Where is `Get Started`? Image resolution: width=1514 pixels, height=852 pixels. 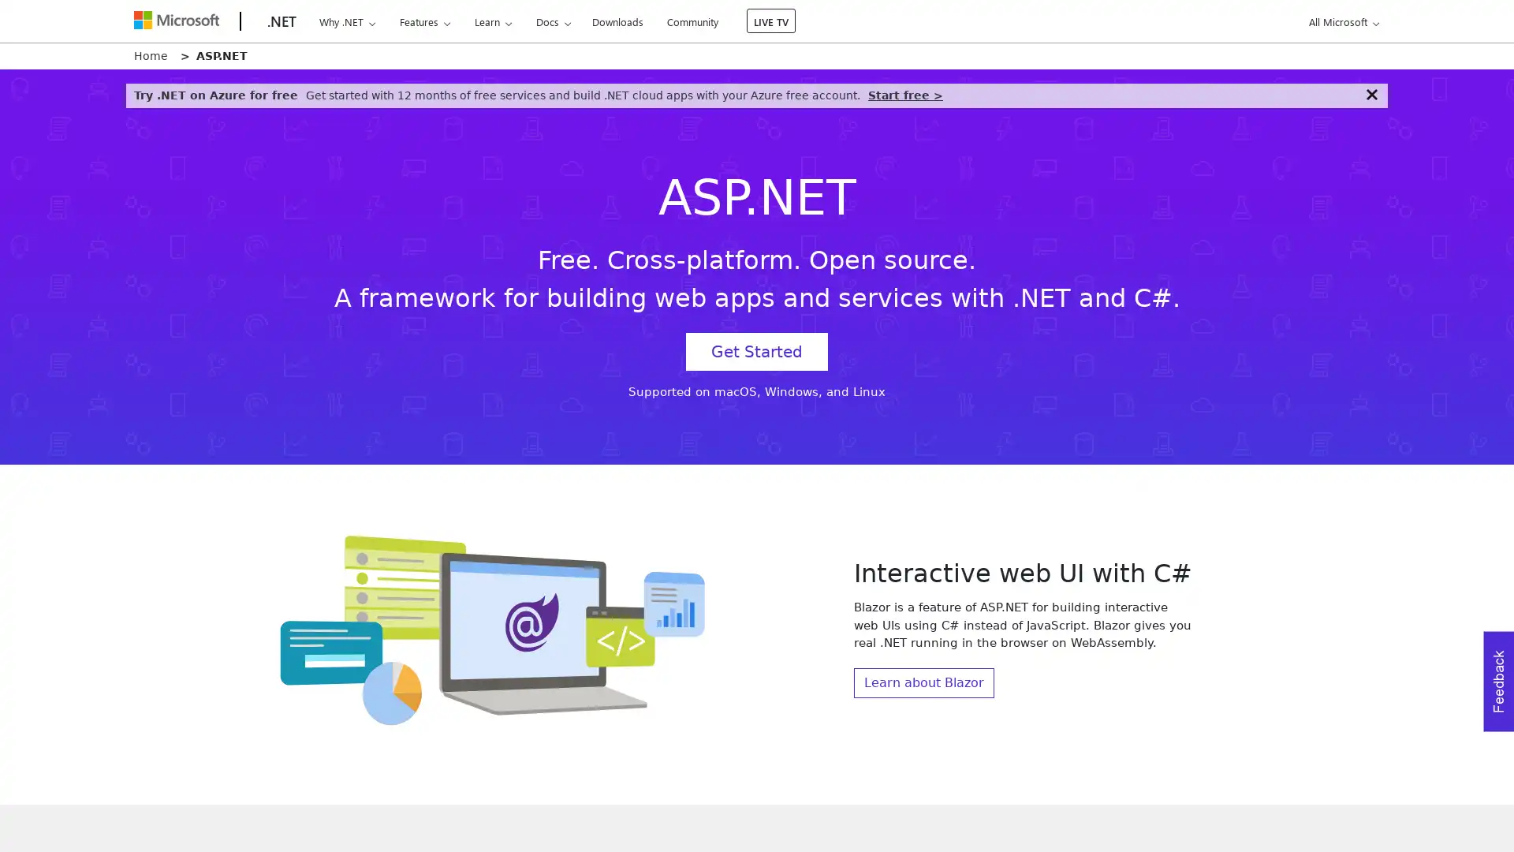 Get Started is located at coordinates (757, 351).